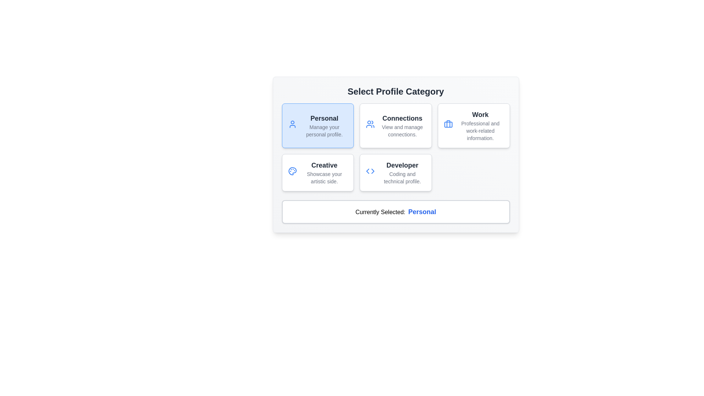  I want to click on the programming icon representing the 'Developer: Coding and technical profile', which features two triangular arrows and is located to the right of the 'Creative' profile, so click(370, 171).